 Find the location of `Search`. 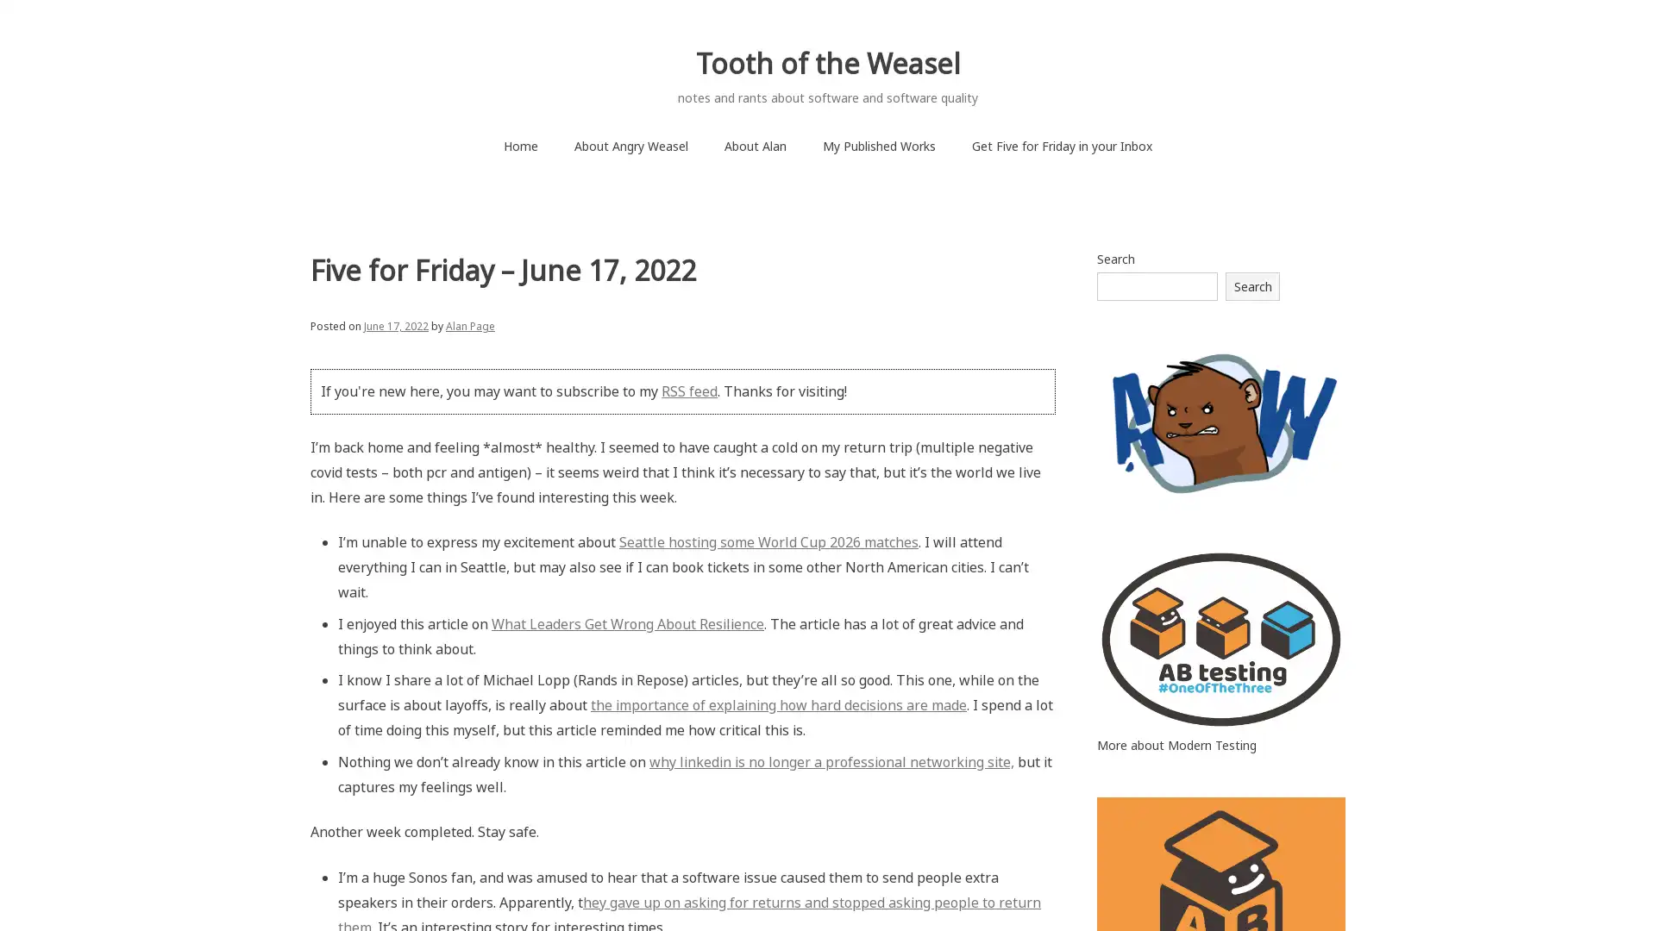

Search is located at coordinates (1252, 284).